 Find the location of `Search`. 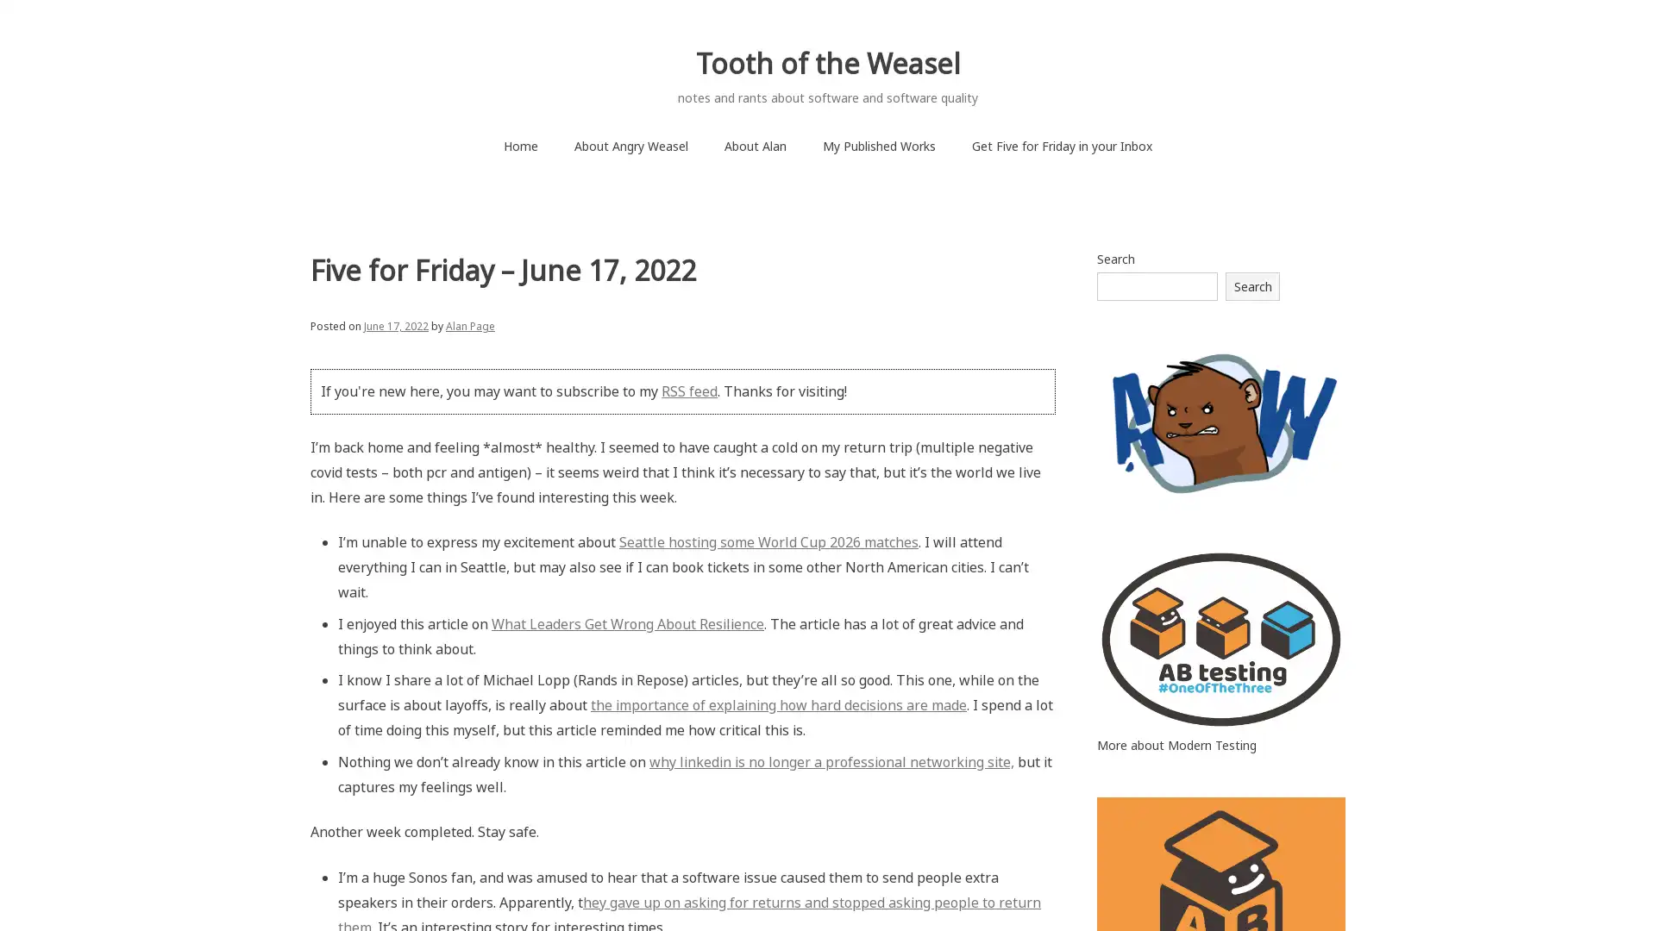

Search is located at coordinates (1252, 284).